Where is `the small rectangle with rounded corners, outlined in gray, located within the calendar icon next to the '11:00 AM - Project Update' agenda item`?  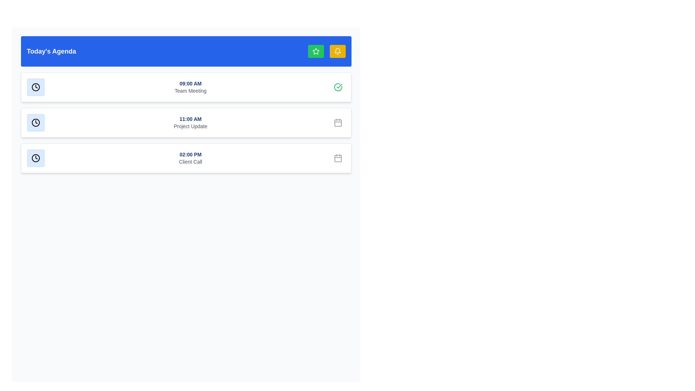 the small rectangle with rounded corners, outlined in gray, located within the calendar icon next to the '11:00 AM - Project Update' agenda item is located at coordinates (338, 122).